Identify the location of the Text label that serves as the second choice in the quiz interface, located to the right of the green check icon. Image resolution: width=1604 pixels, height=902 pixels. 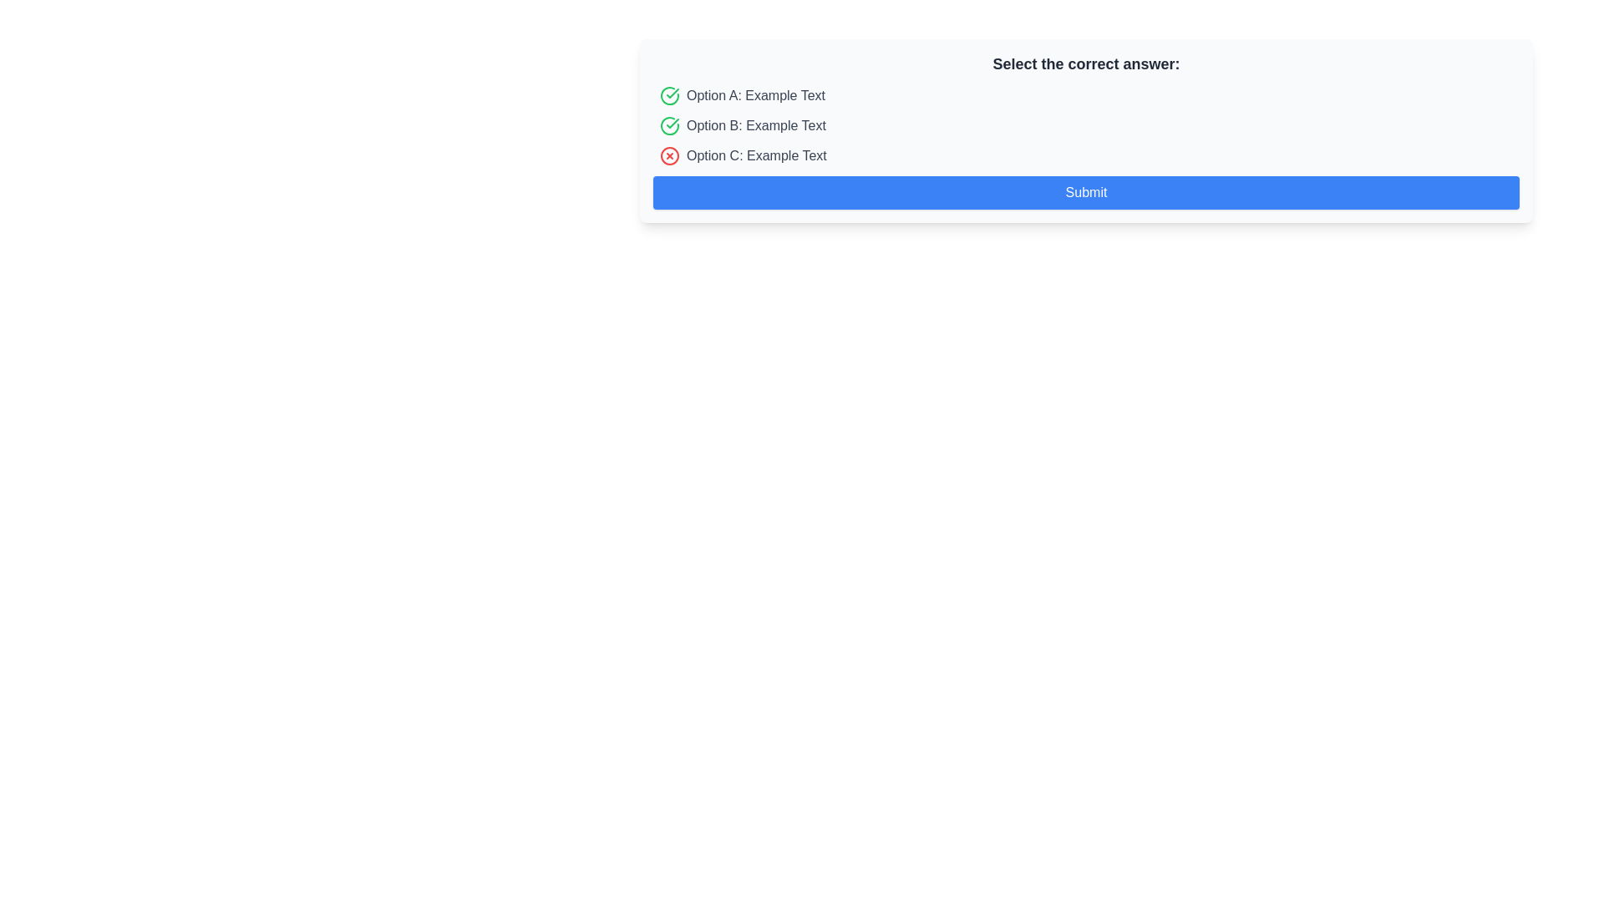
(755, 124).